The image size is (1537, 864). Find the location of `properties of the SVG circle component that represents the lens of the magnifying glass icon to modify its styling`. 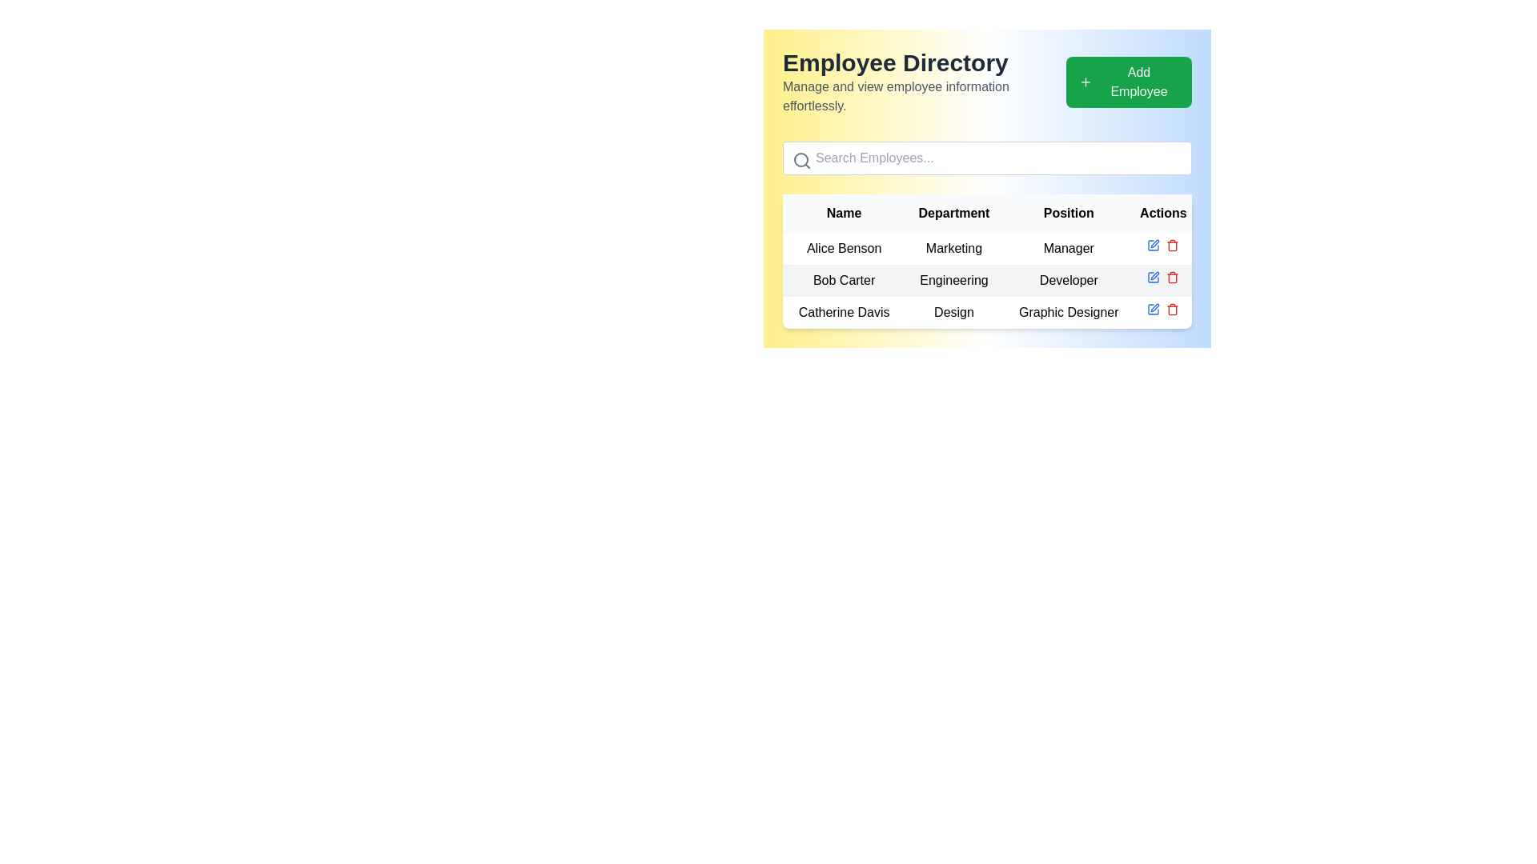

properties of the SVG circle component that represents the lens of the magnifying glass icon to modify its styling is located at coordinates (801, 160).